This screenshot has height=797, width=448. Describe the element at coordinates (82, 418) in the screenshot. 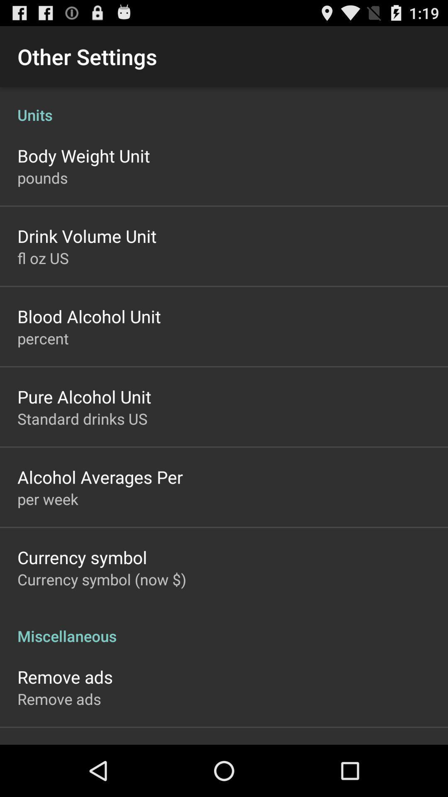

I see `item above alcohol averages per app` at that location.